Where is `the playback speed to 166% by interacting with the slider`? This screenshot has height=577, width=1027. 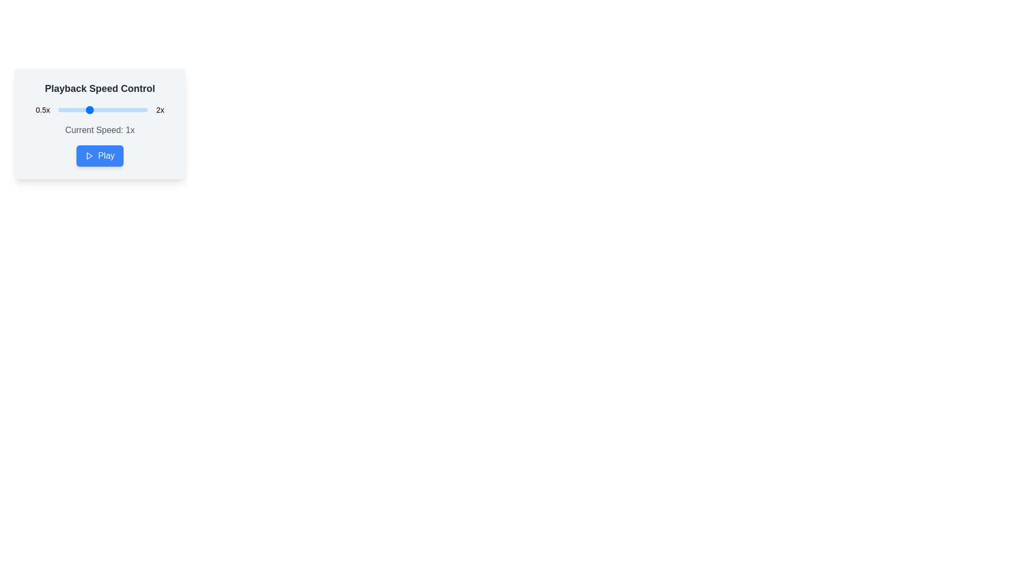
the playback speed to 166% by interacting with the slider is located at coordinates (127, 110).